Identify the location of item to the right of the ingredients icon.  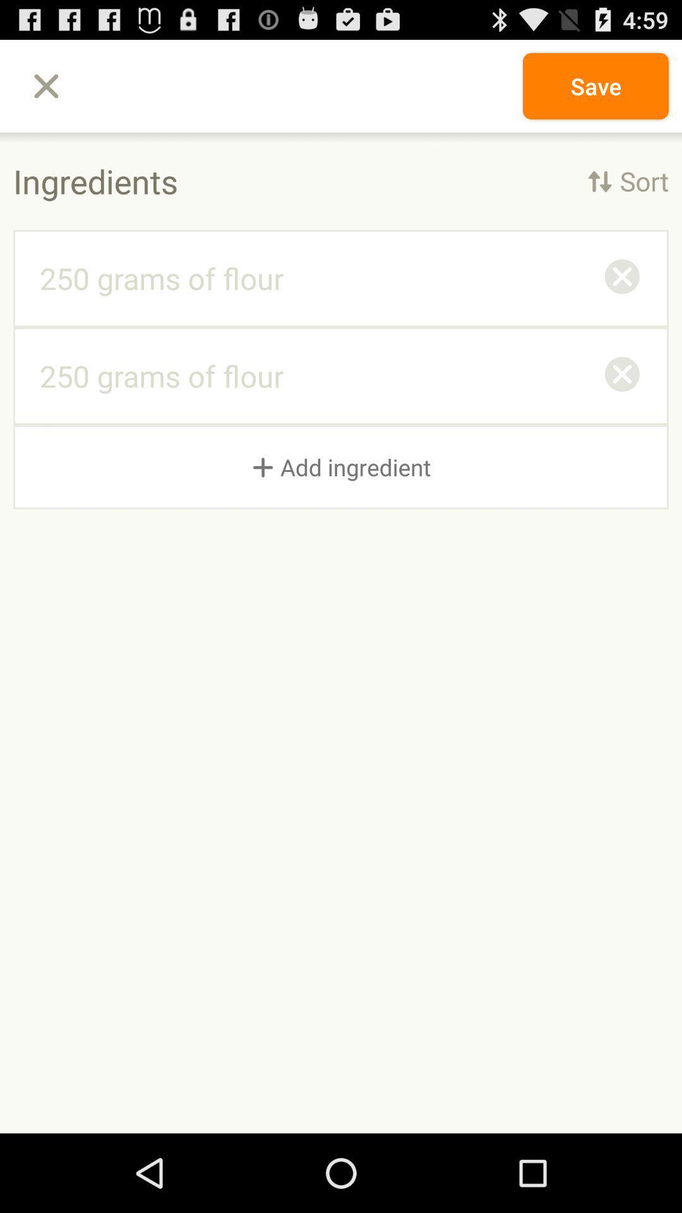
(628, 180).